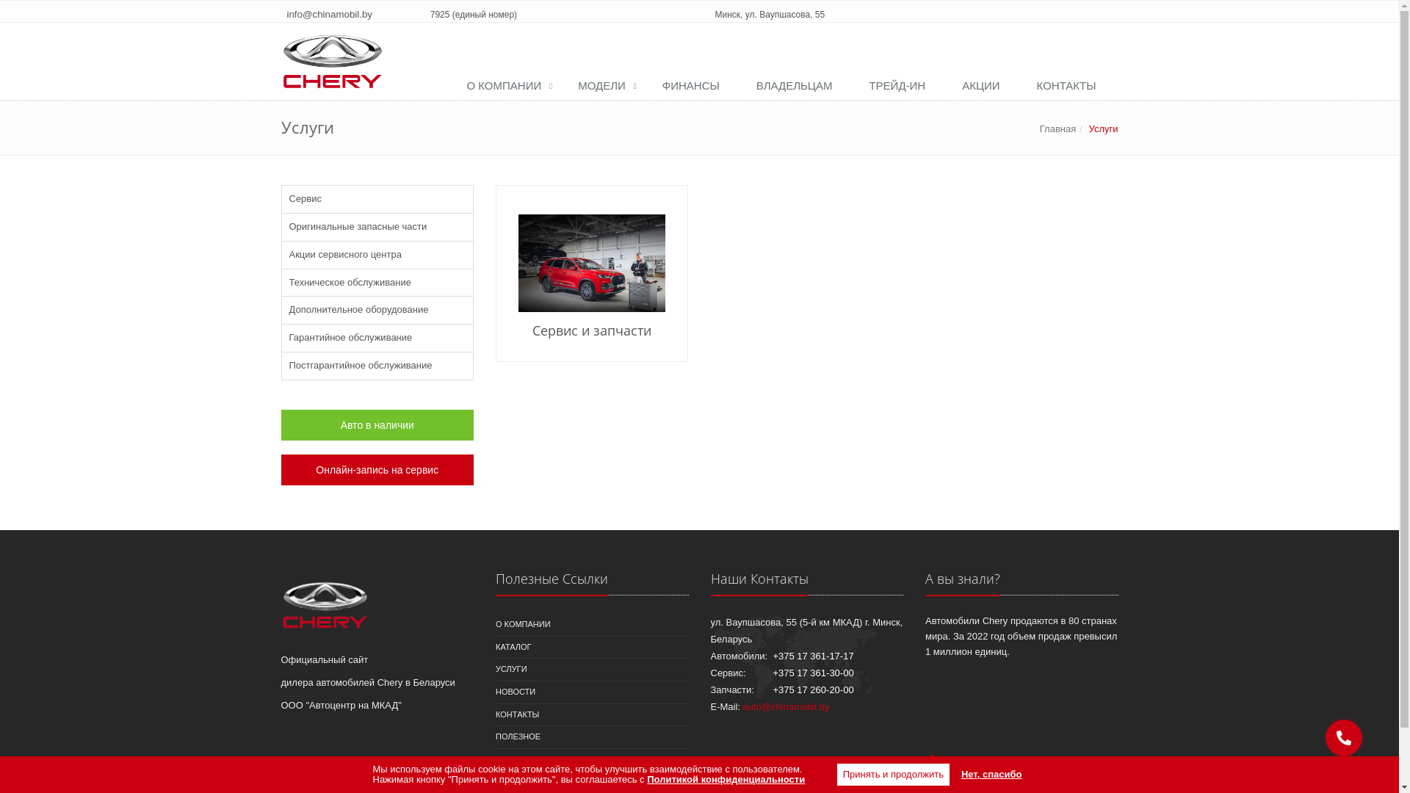 This screenshot has height=793, width=1410. Describe the element at coordinates (812, 673) in the screenshot. I see `'+375 17 361-30-00'` at that location.